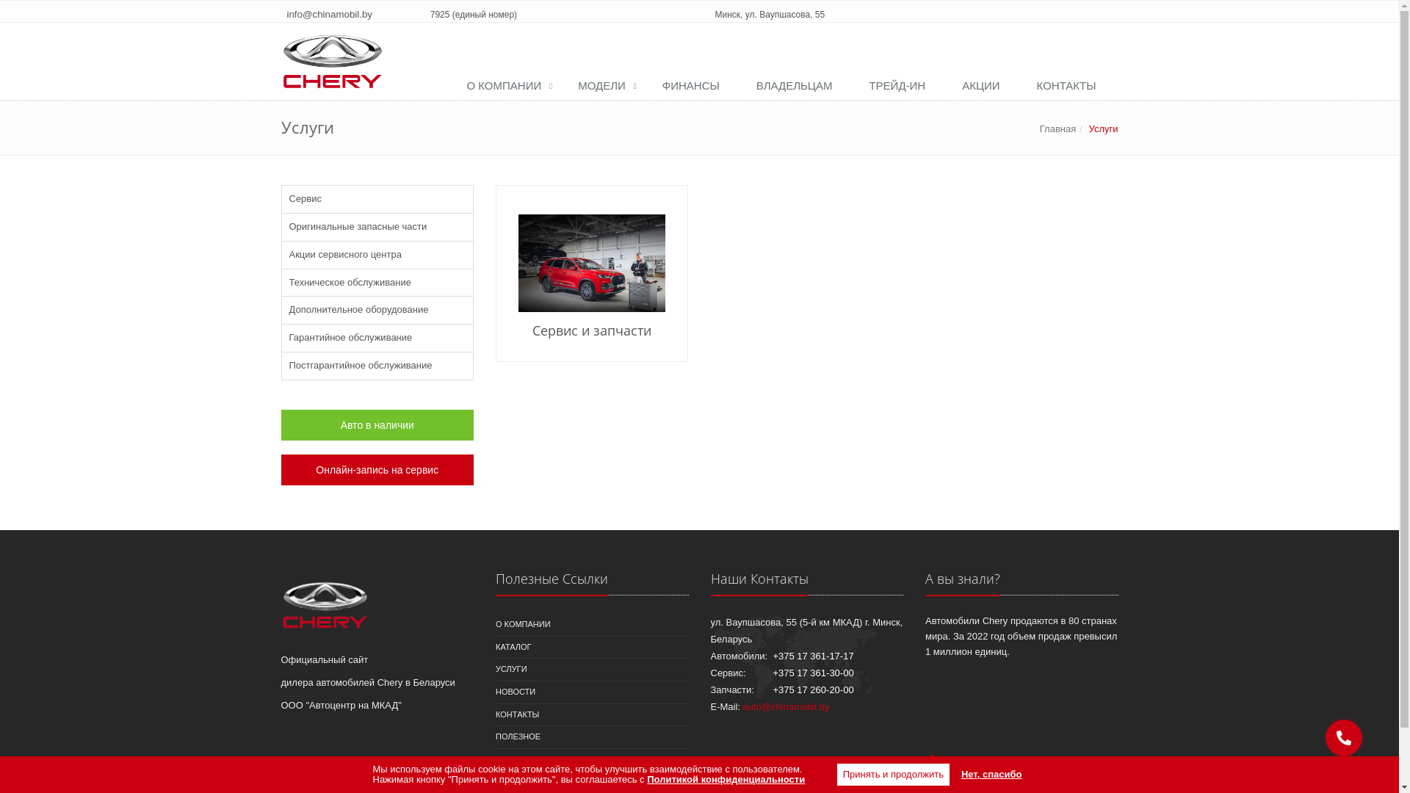 This screenshot has height=793, width=1410. Describe the element at coordinates (812, 673) in the screenshot. I see `'+375 17 361-30-00'` at that location.